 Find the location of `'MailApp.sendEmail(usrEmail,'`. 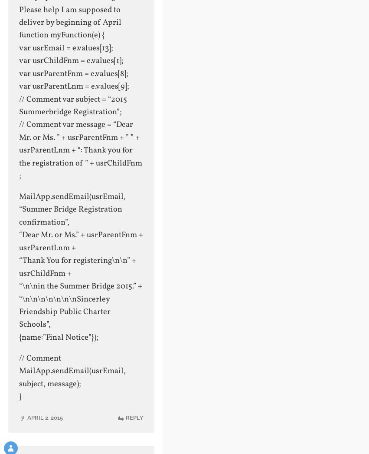

'MailApp.sendEmail(usrEmail,' is located at coordinates (72, 197).